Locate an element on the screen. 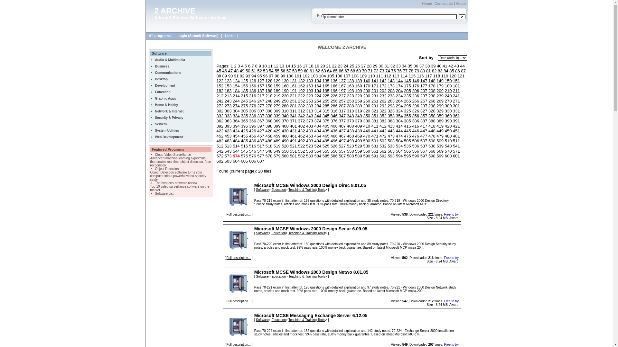  '315' is located at coordinates (326, 111).